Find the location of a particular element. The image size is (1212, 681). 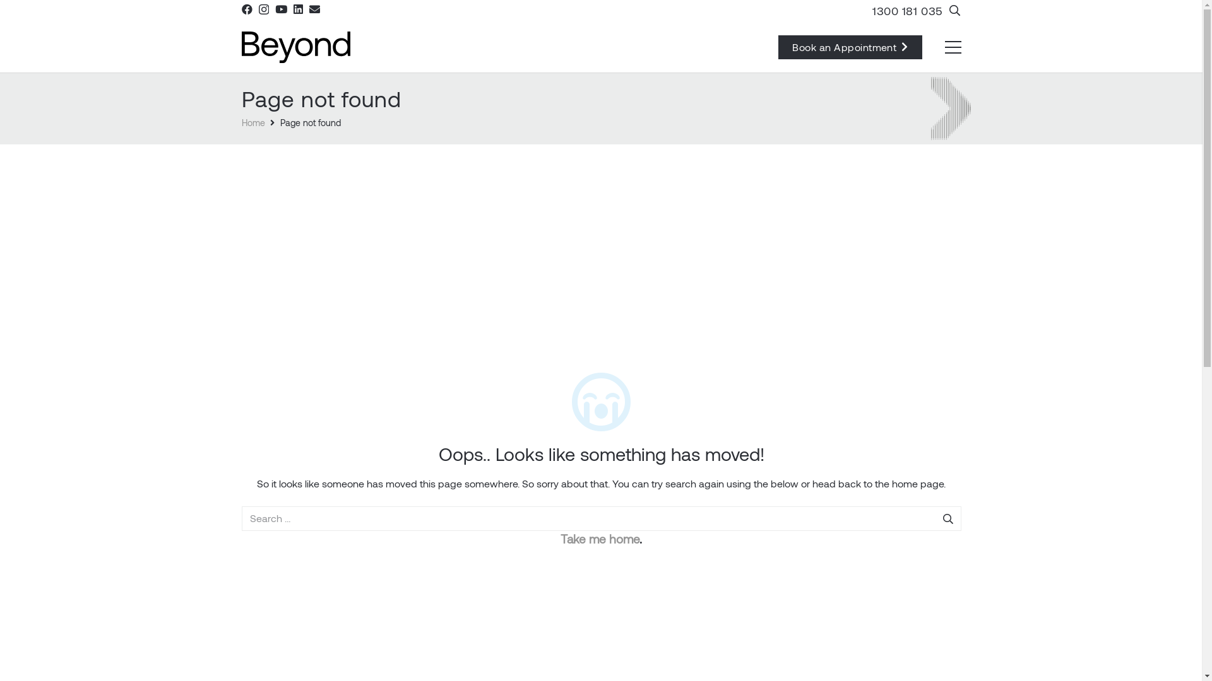

'Oops.. Looks like something has moved!' is located at coordinates (600, 453).